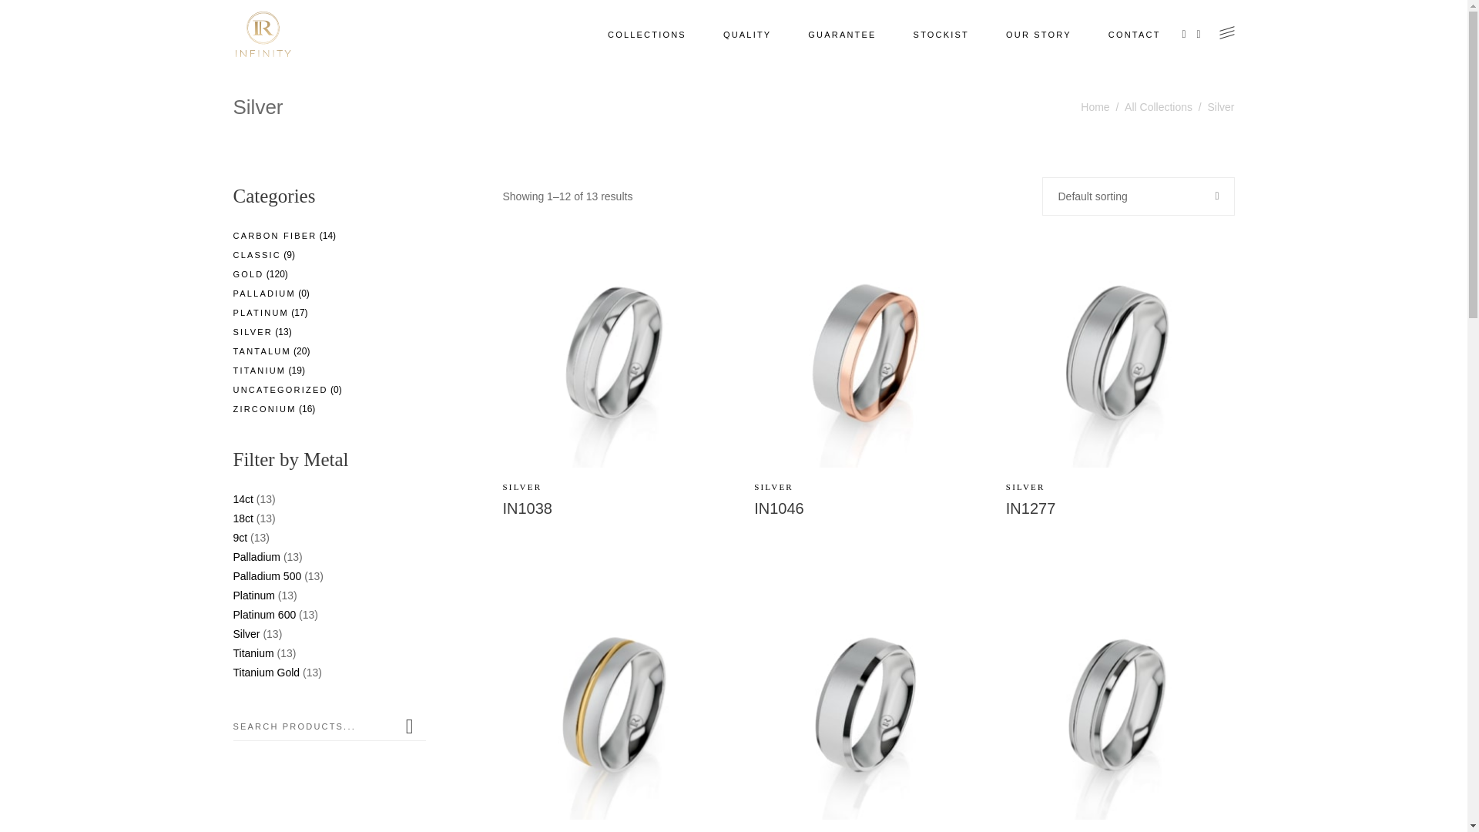 The image size is (1479, 832). Describe the element at coordinates (242, 499) in the screenshot. I see `'14ct'` at that location.